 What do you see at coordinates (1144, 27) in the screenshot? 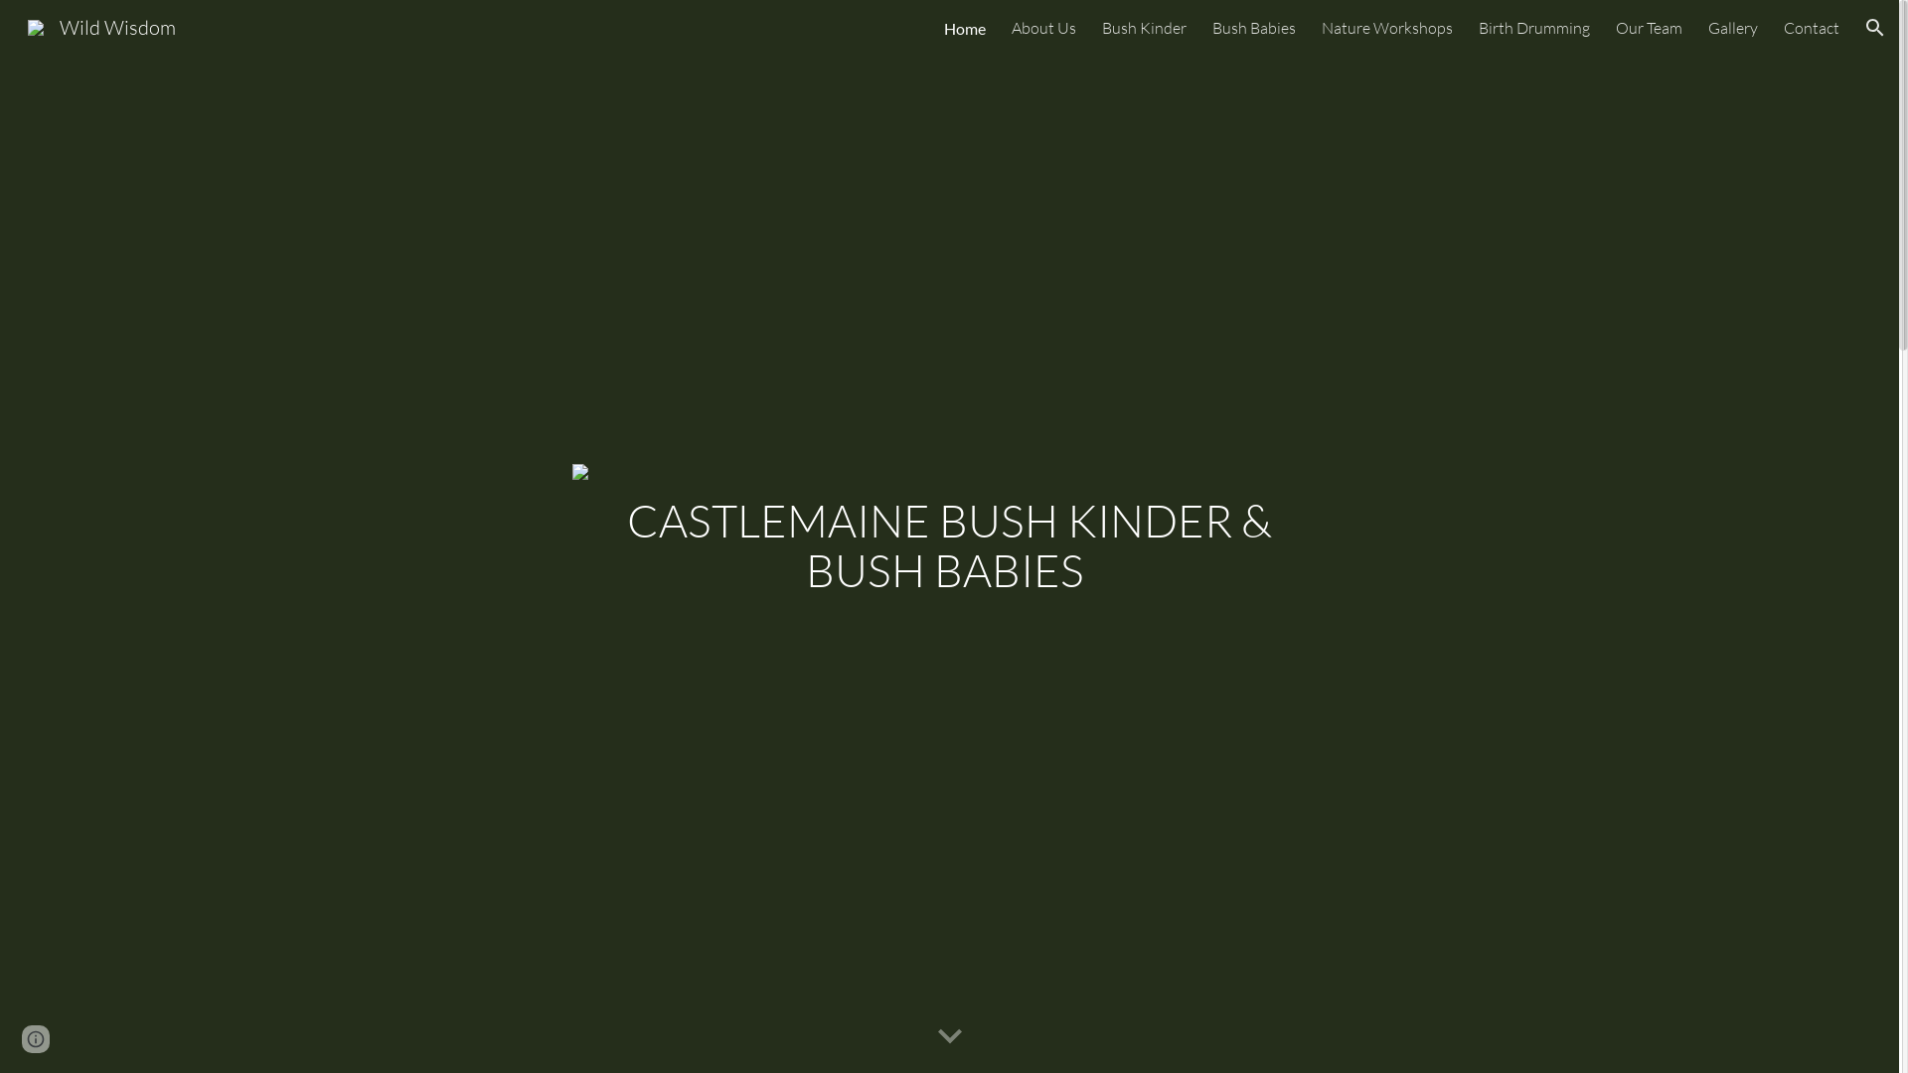
I see `'Bush Kinder'` at bounding box center [1144, 27].